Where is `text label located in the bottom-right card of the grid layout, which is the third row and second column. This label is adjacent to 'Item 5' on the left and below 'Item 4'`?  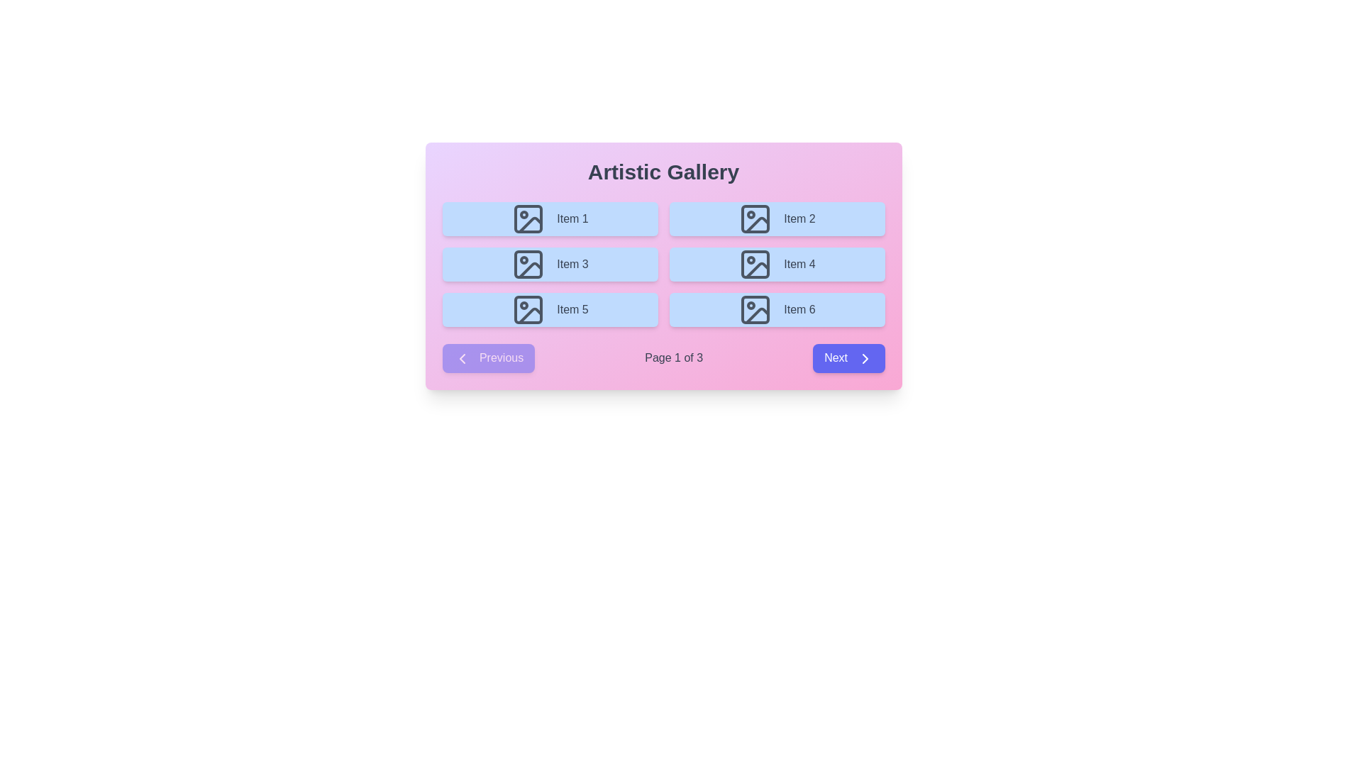 text label located in the bottom-right card of the grid layout, which is the third row and second column. This label is adjacent to 'Item 5' on the left and below 'Item 4' is located at coordinates (799, 309).